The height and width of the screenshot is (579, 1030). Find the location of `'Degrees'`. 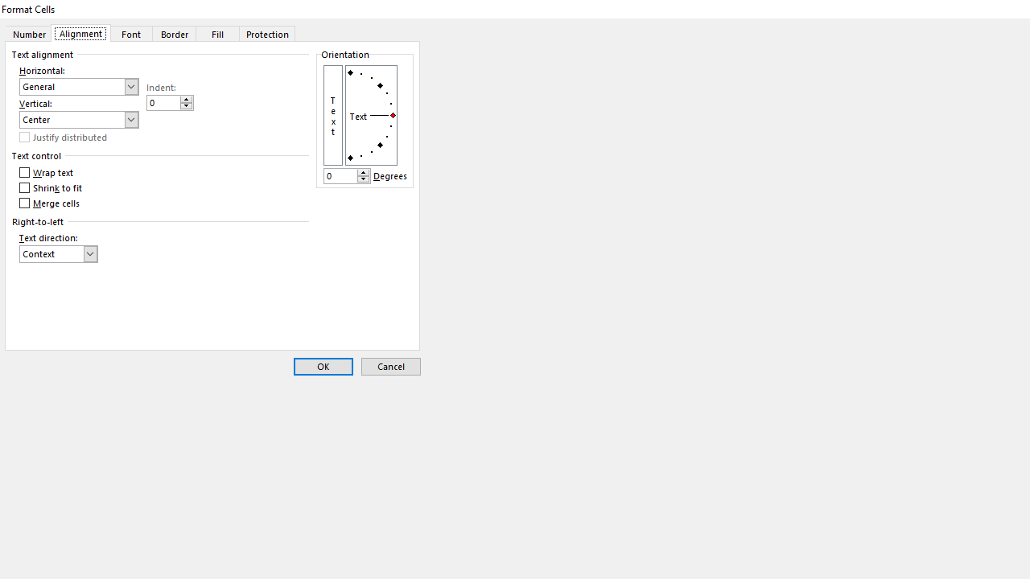

'Degrees' is located at coordinates (346, 175).